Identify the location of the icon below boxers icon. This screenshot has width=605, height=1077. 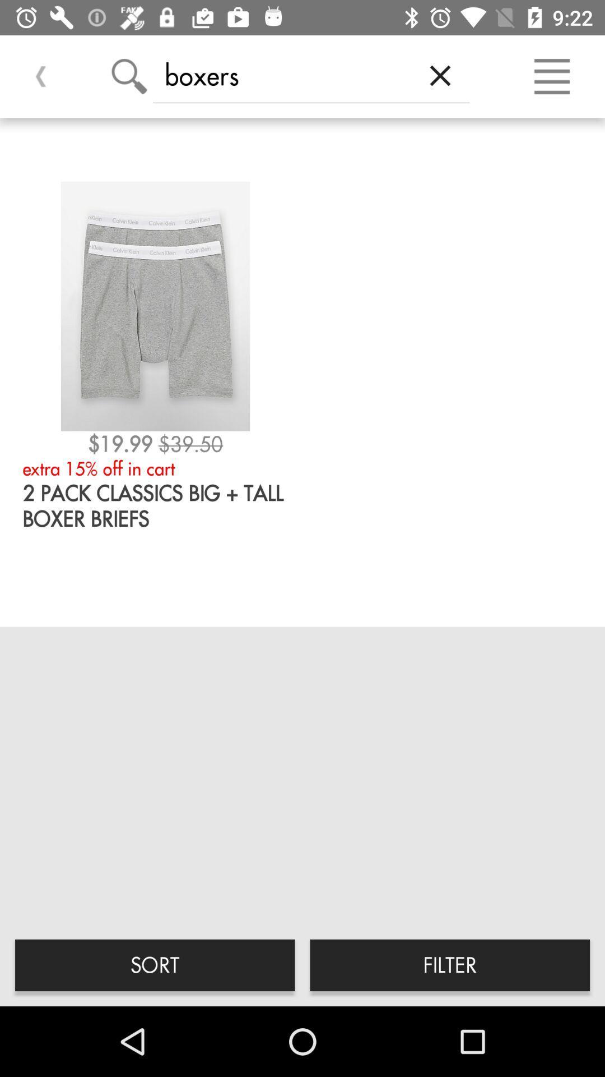
(449, 964).